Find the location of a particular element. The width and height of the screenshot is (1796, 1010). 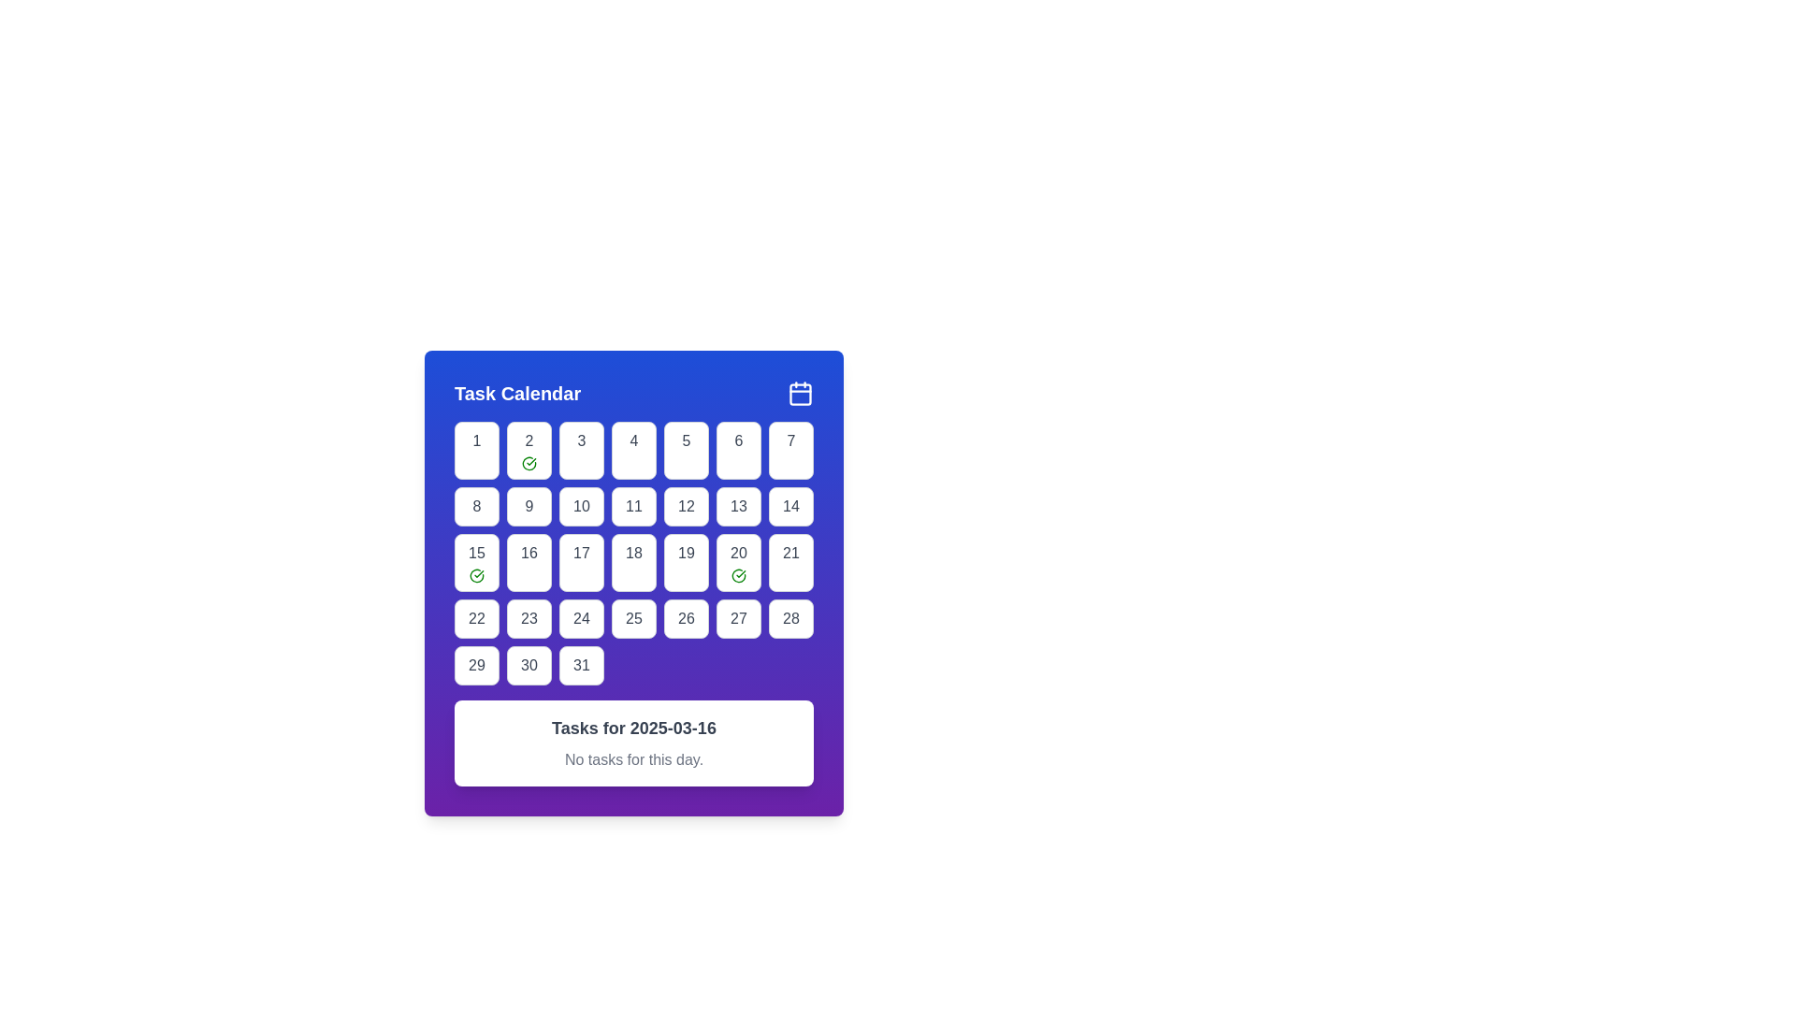

the date button styled as a date indicator representing '28' in the calendar UI is located at coordinates (790, 619).